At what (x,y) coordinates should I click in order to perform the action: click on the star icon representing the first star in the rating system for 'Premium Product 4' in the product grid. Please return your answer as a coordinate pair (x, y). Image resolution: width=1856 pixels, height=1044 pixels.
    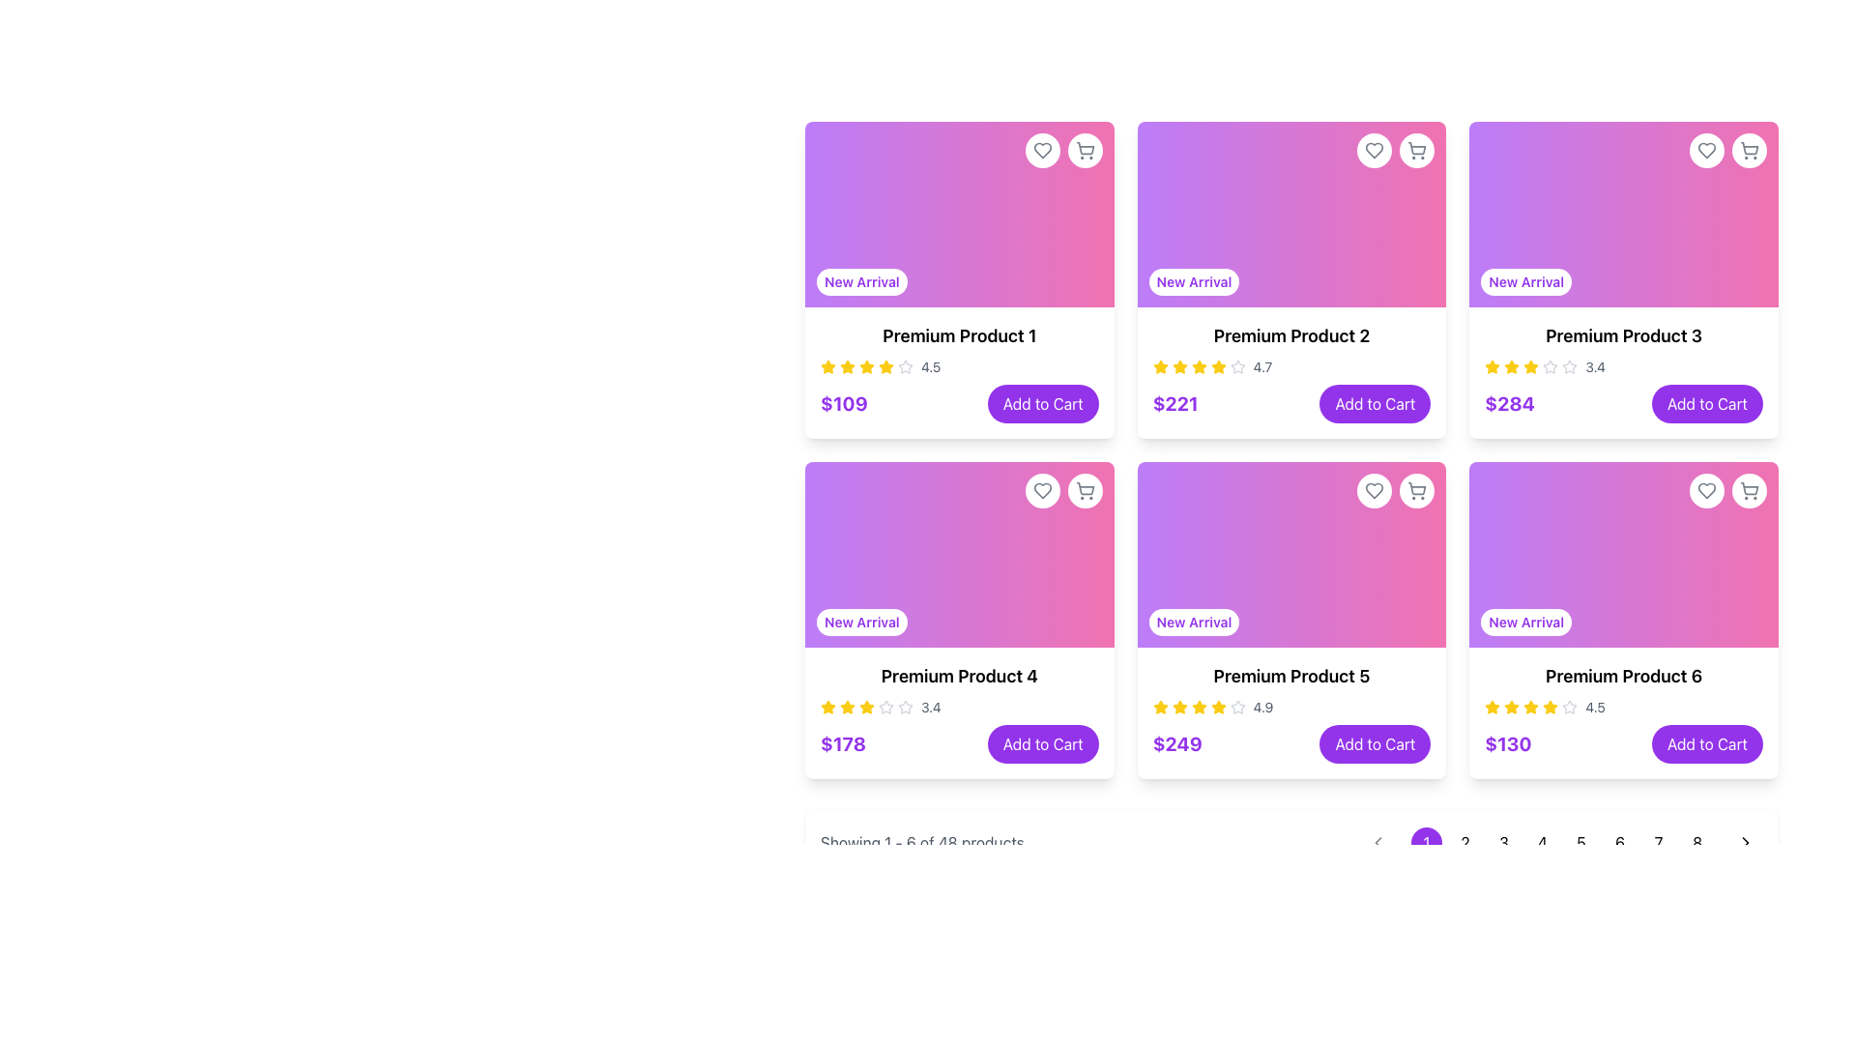
    Looking at the image, I should click on (848, 707).